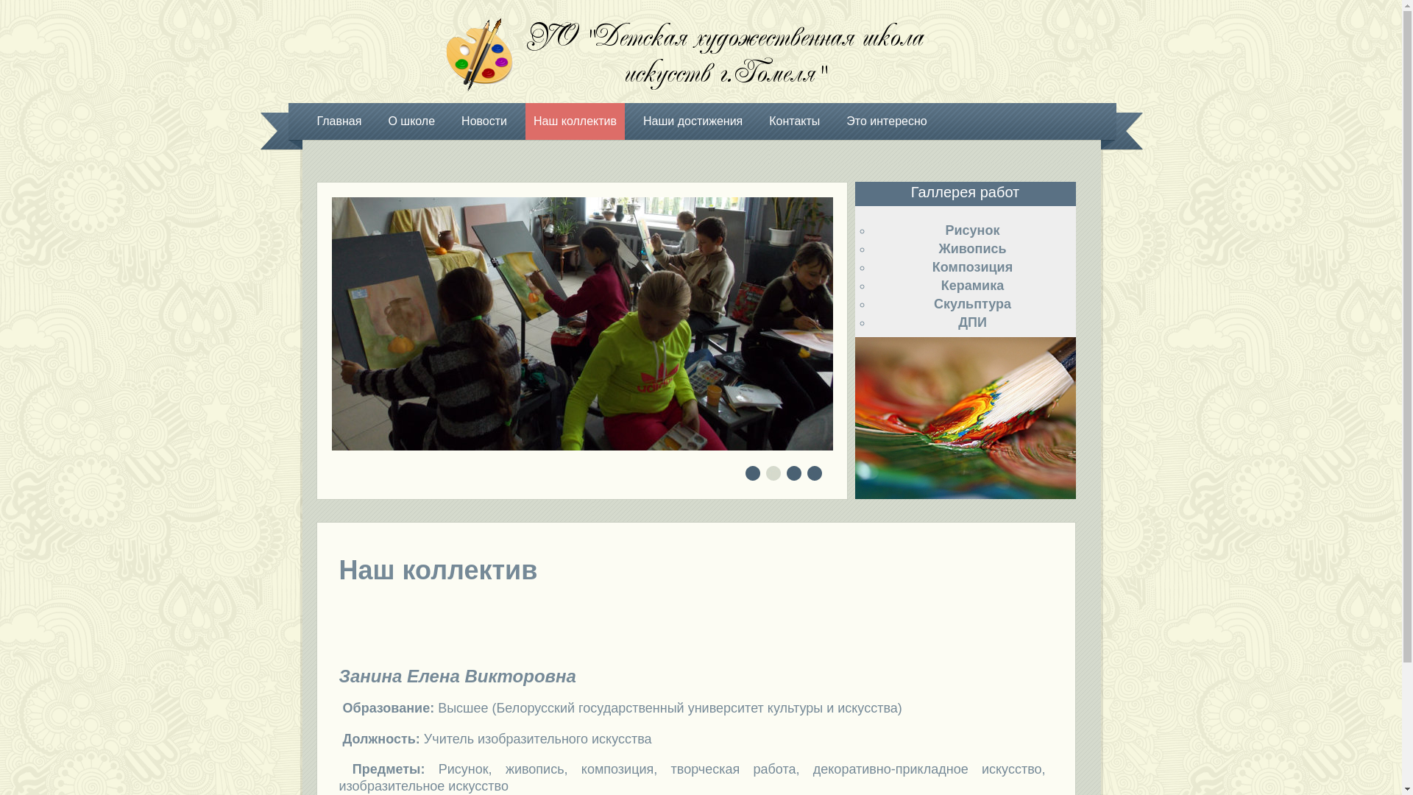 The height and width of the screenshot is (795, 1413). I want to click on '4', so click(815, 474).